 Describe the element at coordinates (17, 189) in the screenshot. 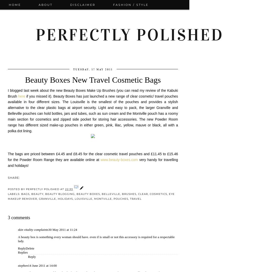

I see `'Posted by'` at that location.